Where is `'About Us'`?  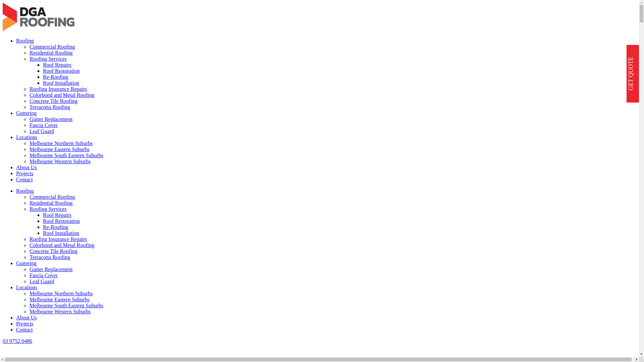
'About Us' is located at coordinates (26, 167).